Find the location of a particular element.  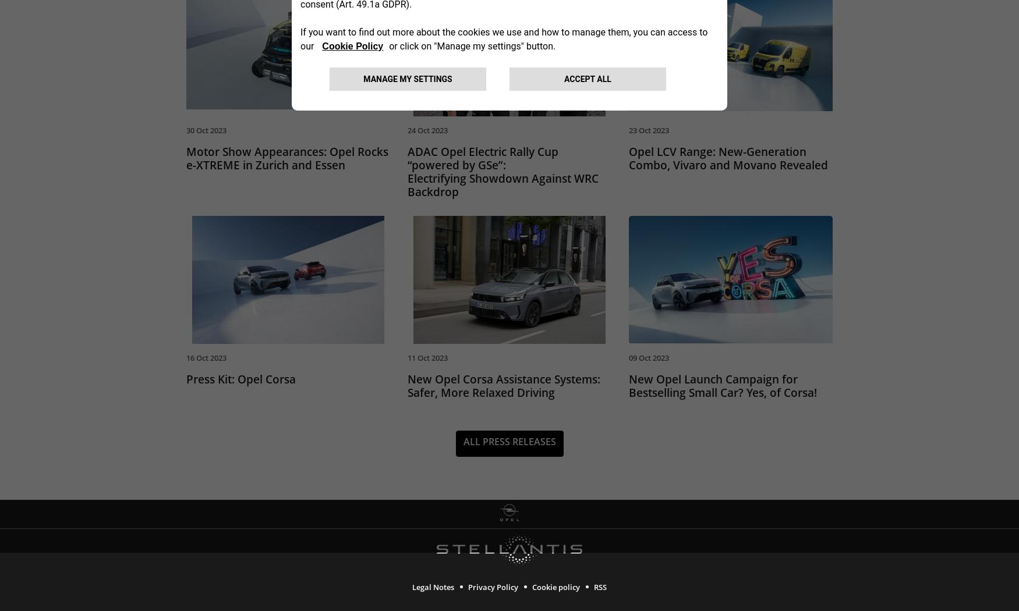

'24 Oct 2023' is located at coordinates (427, 129).